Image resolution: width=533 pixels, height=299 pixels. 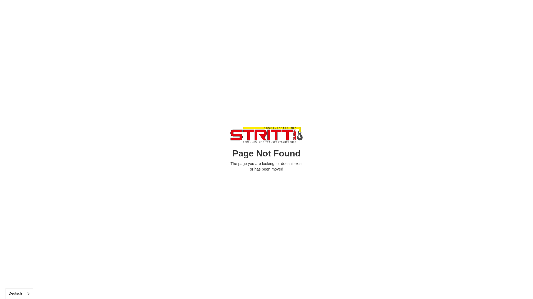 What do you see at coordinates (19, 293) in the screenshot?
I see `'Deutsch'` at bounding box center [19, 293].